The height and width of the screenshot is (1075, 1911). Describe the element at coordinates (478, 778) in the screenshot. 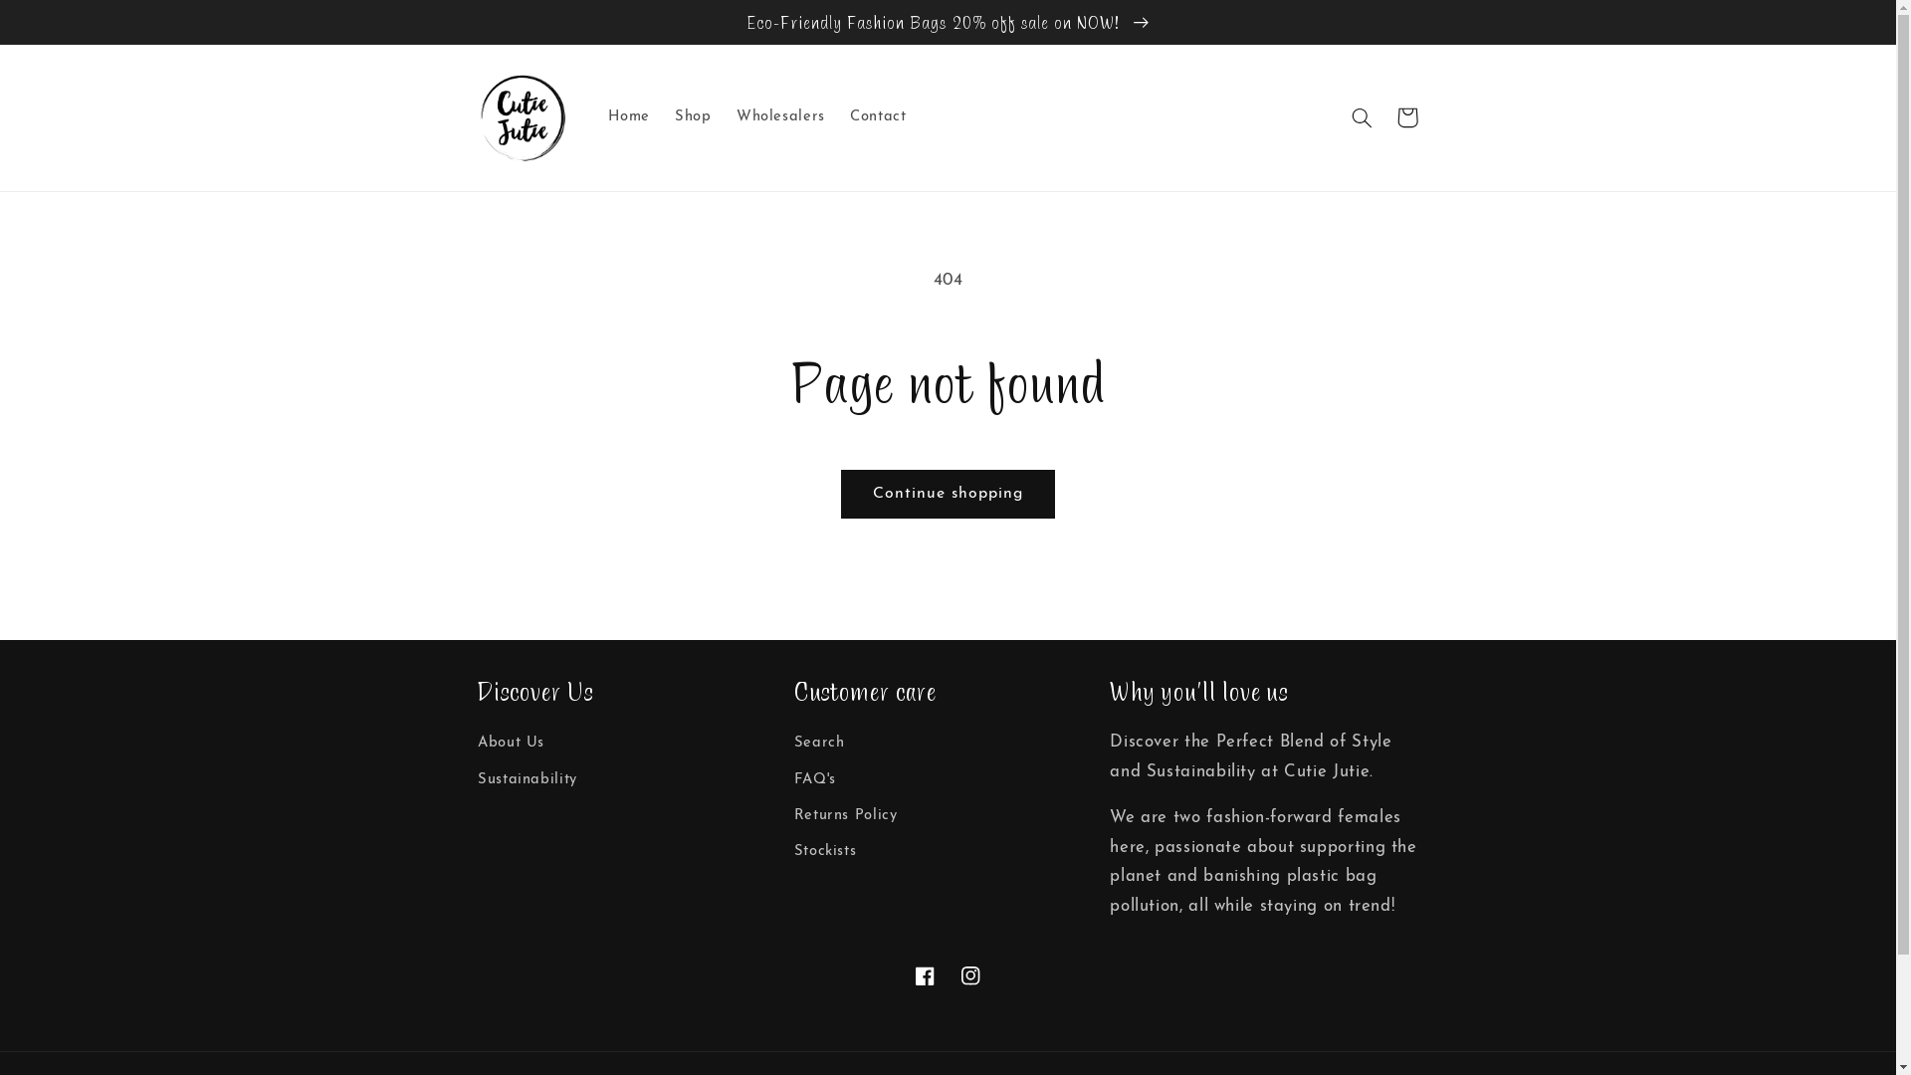

I see `'Sustainability'` at that location.